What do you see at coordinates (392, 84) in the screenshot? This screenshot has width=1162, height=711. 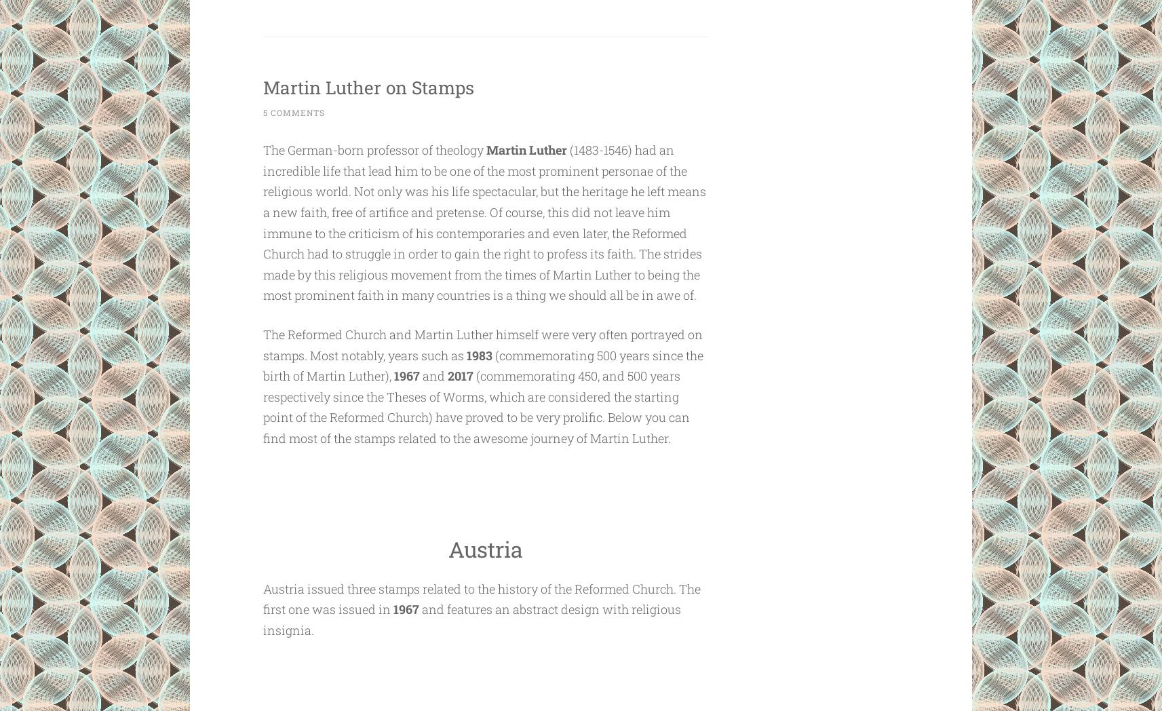 I see `'Martin Luther on Stamps'` at bounding box center [392, 84].